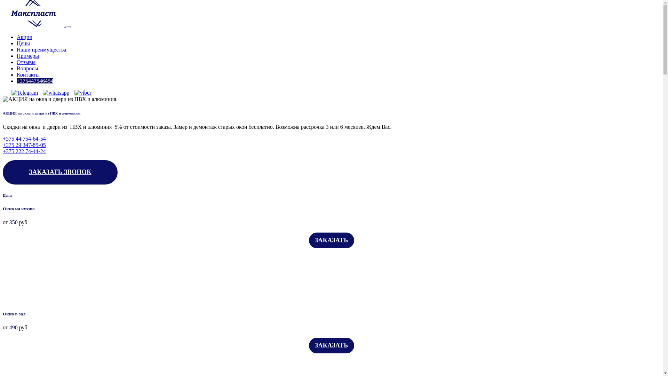 This screenshot has width=668, height=376. I want to click on '+375 44 754-64-54', so click(3, 139).